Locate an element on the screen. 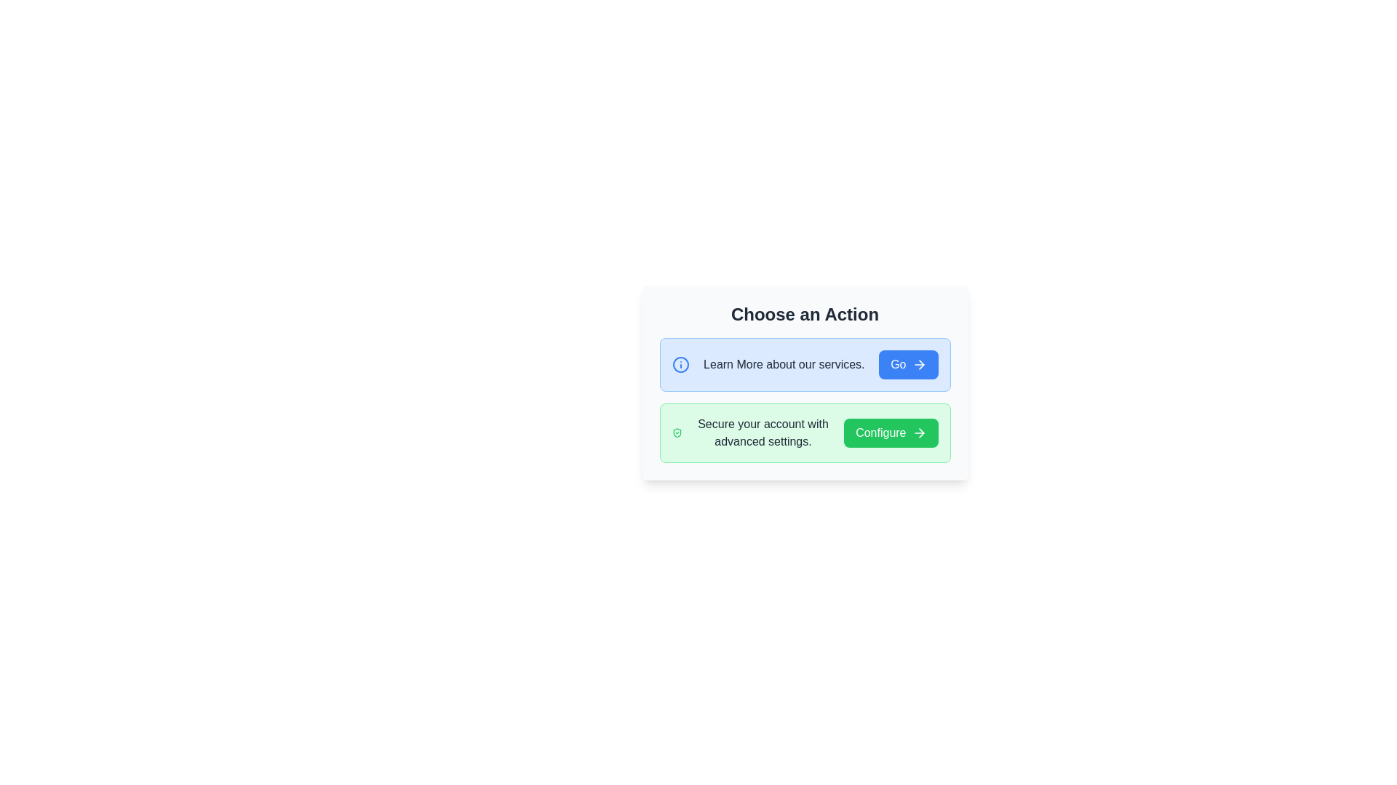 This screenshot has height=785, width=1397. the 'Configure' button located in the light green section at the bottom right of the card is located at coordinates (890, 432).